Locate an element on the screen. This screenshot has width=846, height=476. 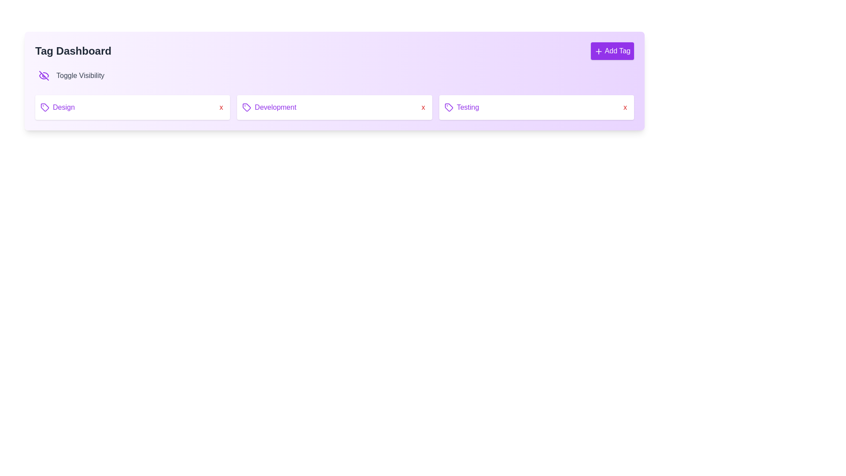
the 'x' button located at the far right side of the 'Development' box is located at coordinates (423, 107).